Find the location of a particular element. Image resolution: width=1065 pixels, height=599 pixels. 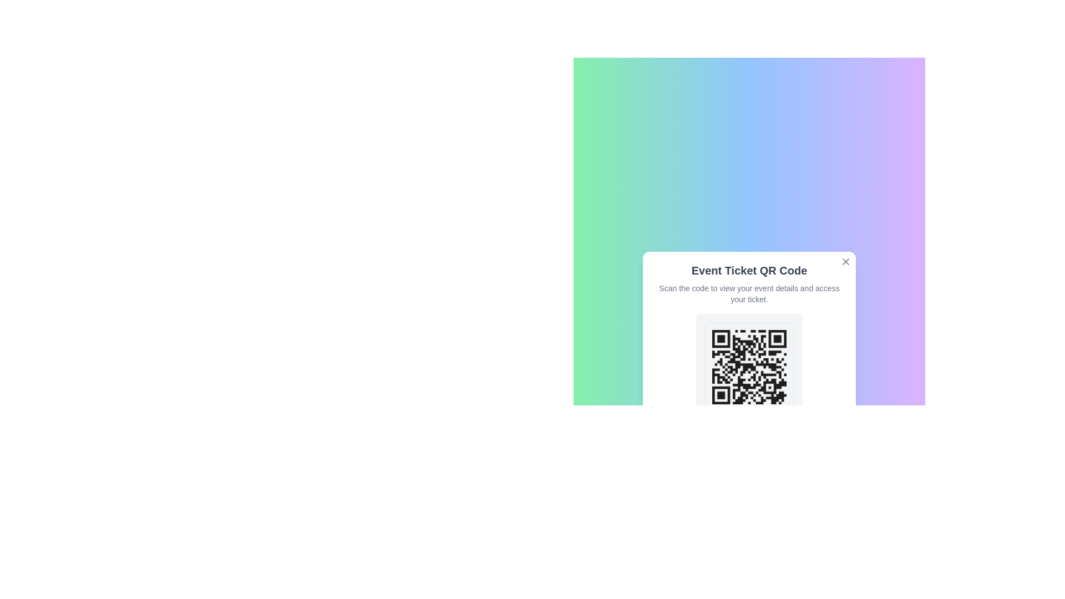

text label that instructs to 'Scan the code to view your event details and access your ticket.' This label is styled in gray and is positioned below the header 'Event Ticket QR Code' within a white rounded box is located at coordinates (749, 293).